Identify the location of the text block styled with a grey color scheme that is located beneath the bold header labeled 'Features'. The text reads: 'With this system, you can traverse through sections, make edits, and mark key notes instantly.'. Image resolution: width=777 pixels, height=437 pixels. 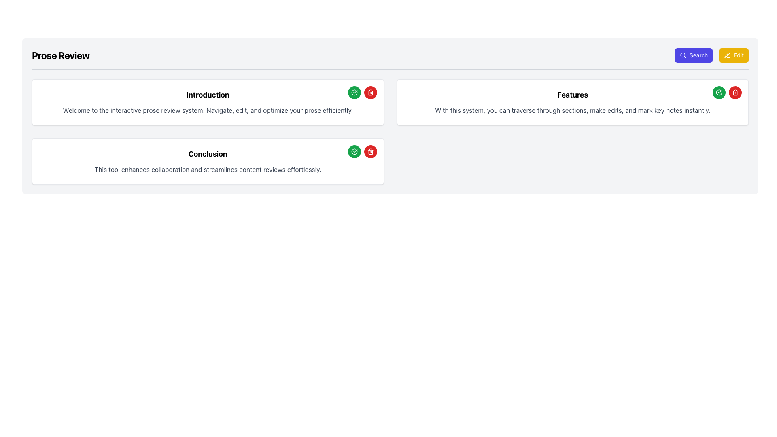
(572, 110).